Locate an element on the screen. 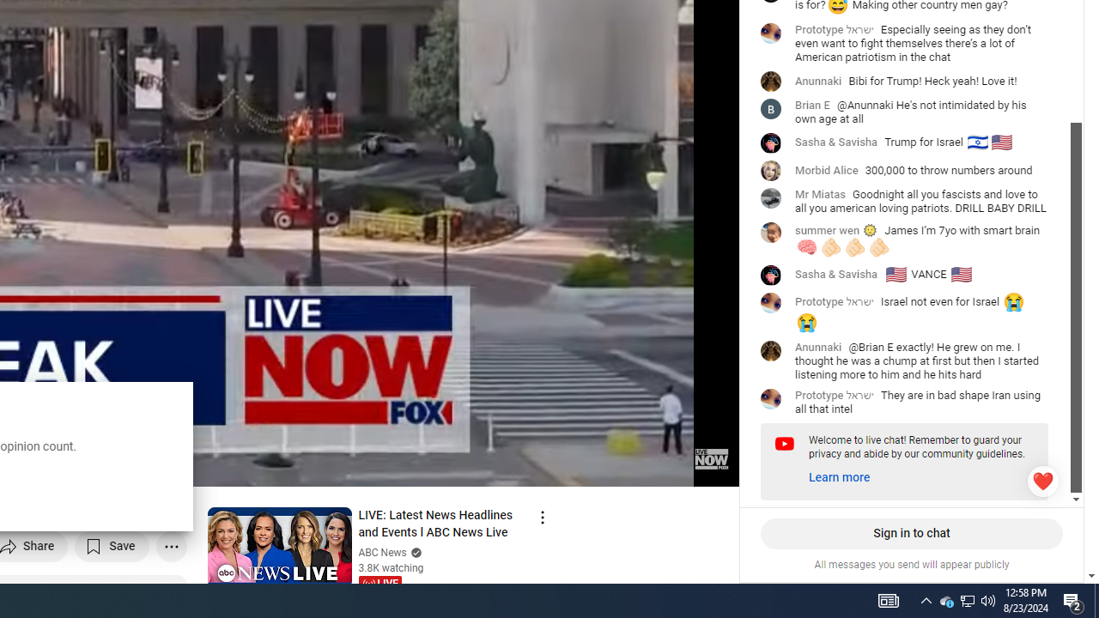  'Sign in to chat' is located at coordinates (910, 533).